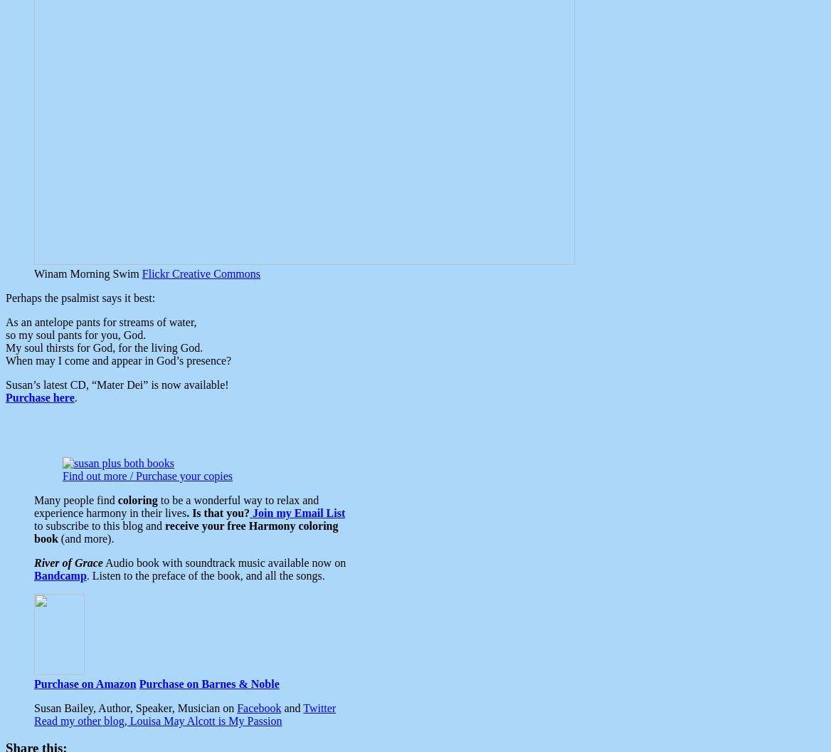  What do you see at coordinates (75, 499) in the screenshot?
I see `'Many people find'` at bounding box center [75, 499].